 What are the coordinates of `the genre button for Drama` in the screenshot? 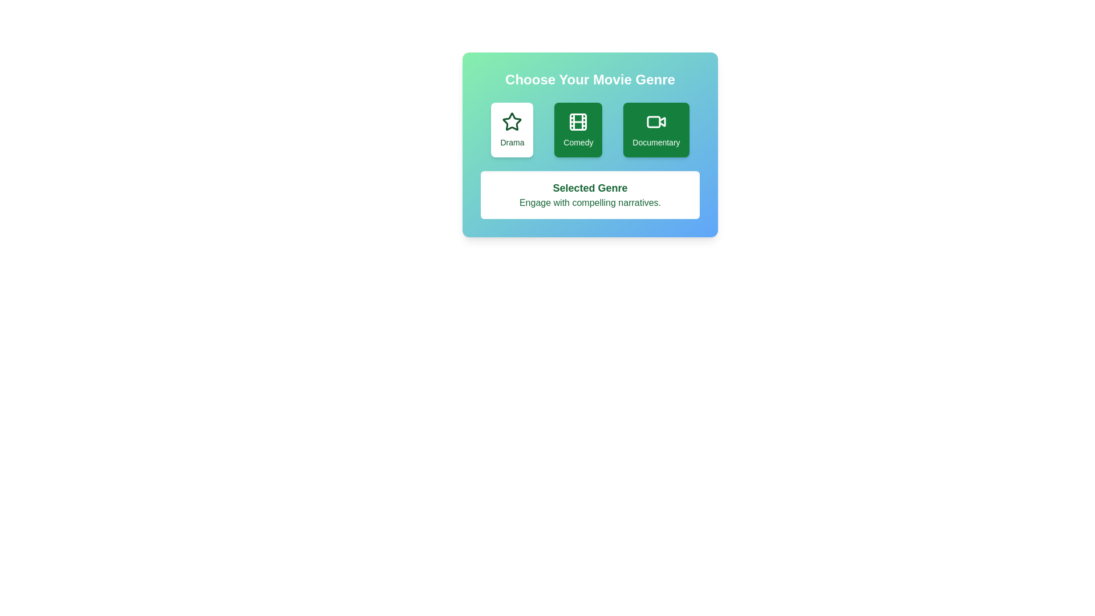 It's located at (511, 129).